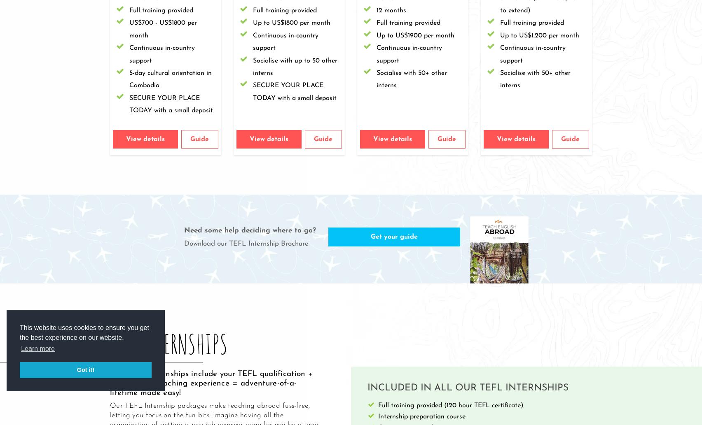 The image size is (702, 425). Describe the element at coordinates (165, 343) in the screenshot. I see `'TEFL INTERNSHIPS'` at that location.